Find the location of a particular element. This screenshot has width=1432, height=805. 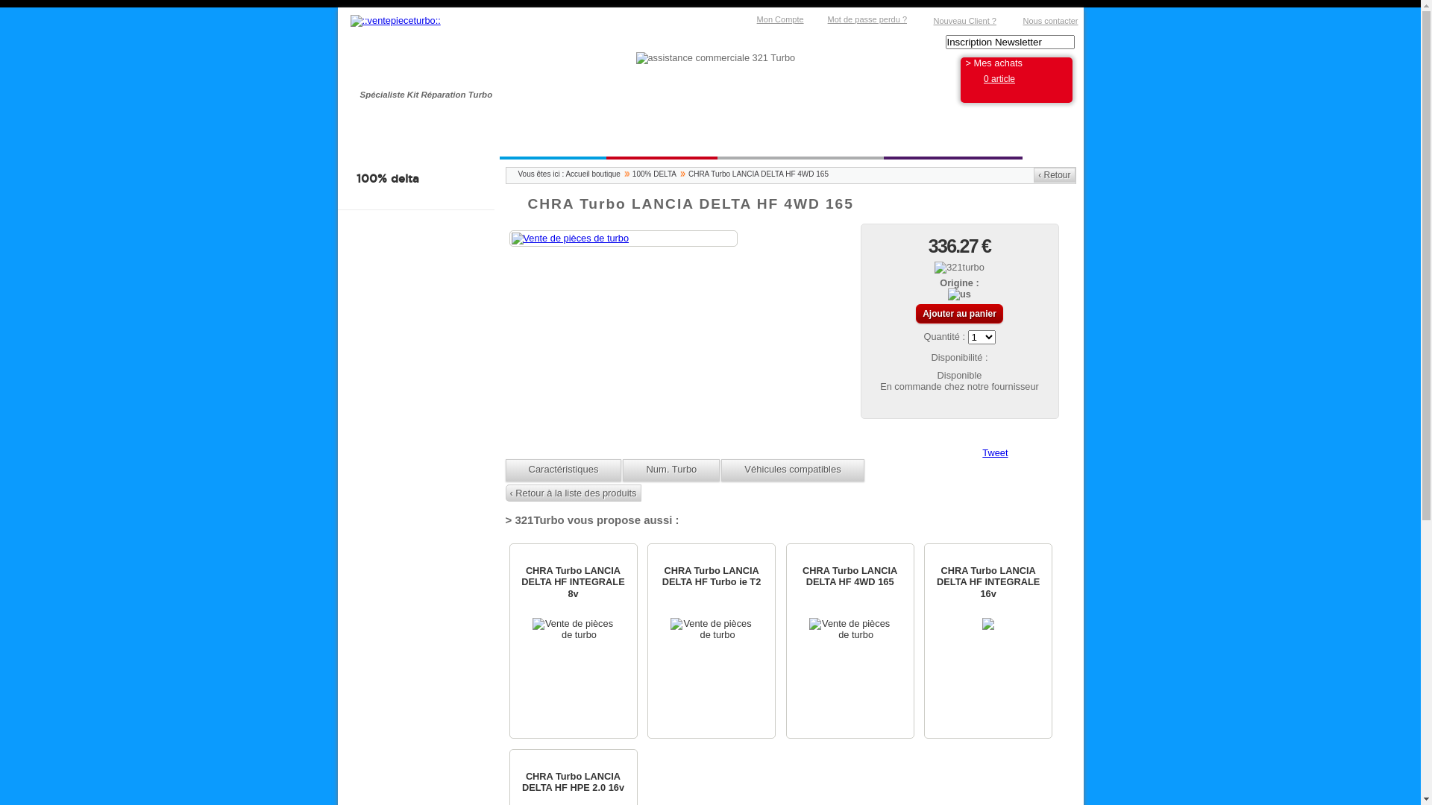

'Rechercher' is located at coordinates (1067, 42).